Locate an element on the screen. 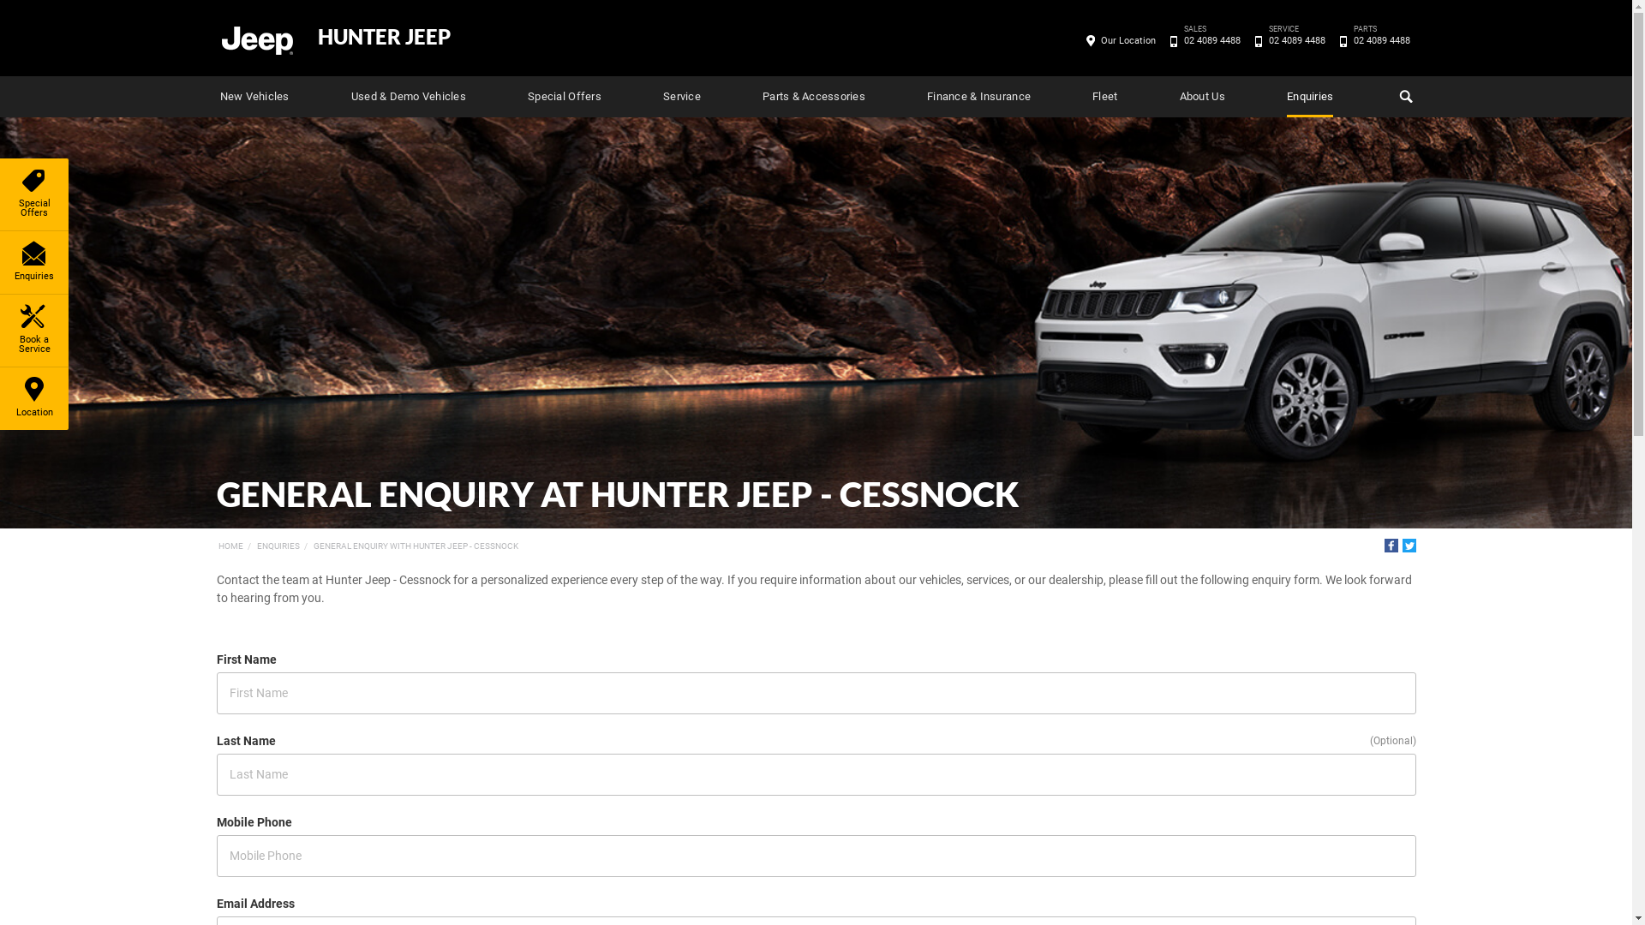 The height and width of the screenshot is (925, 1645). 'Parts & Accessories' is located at coordinates (761, 96).